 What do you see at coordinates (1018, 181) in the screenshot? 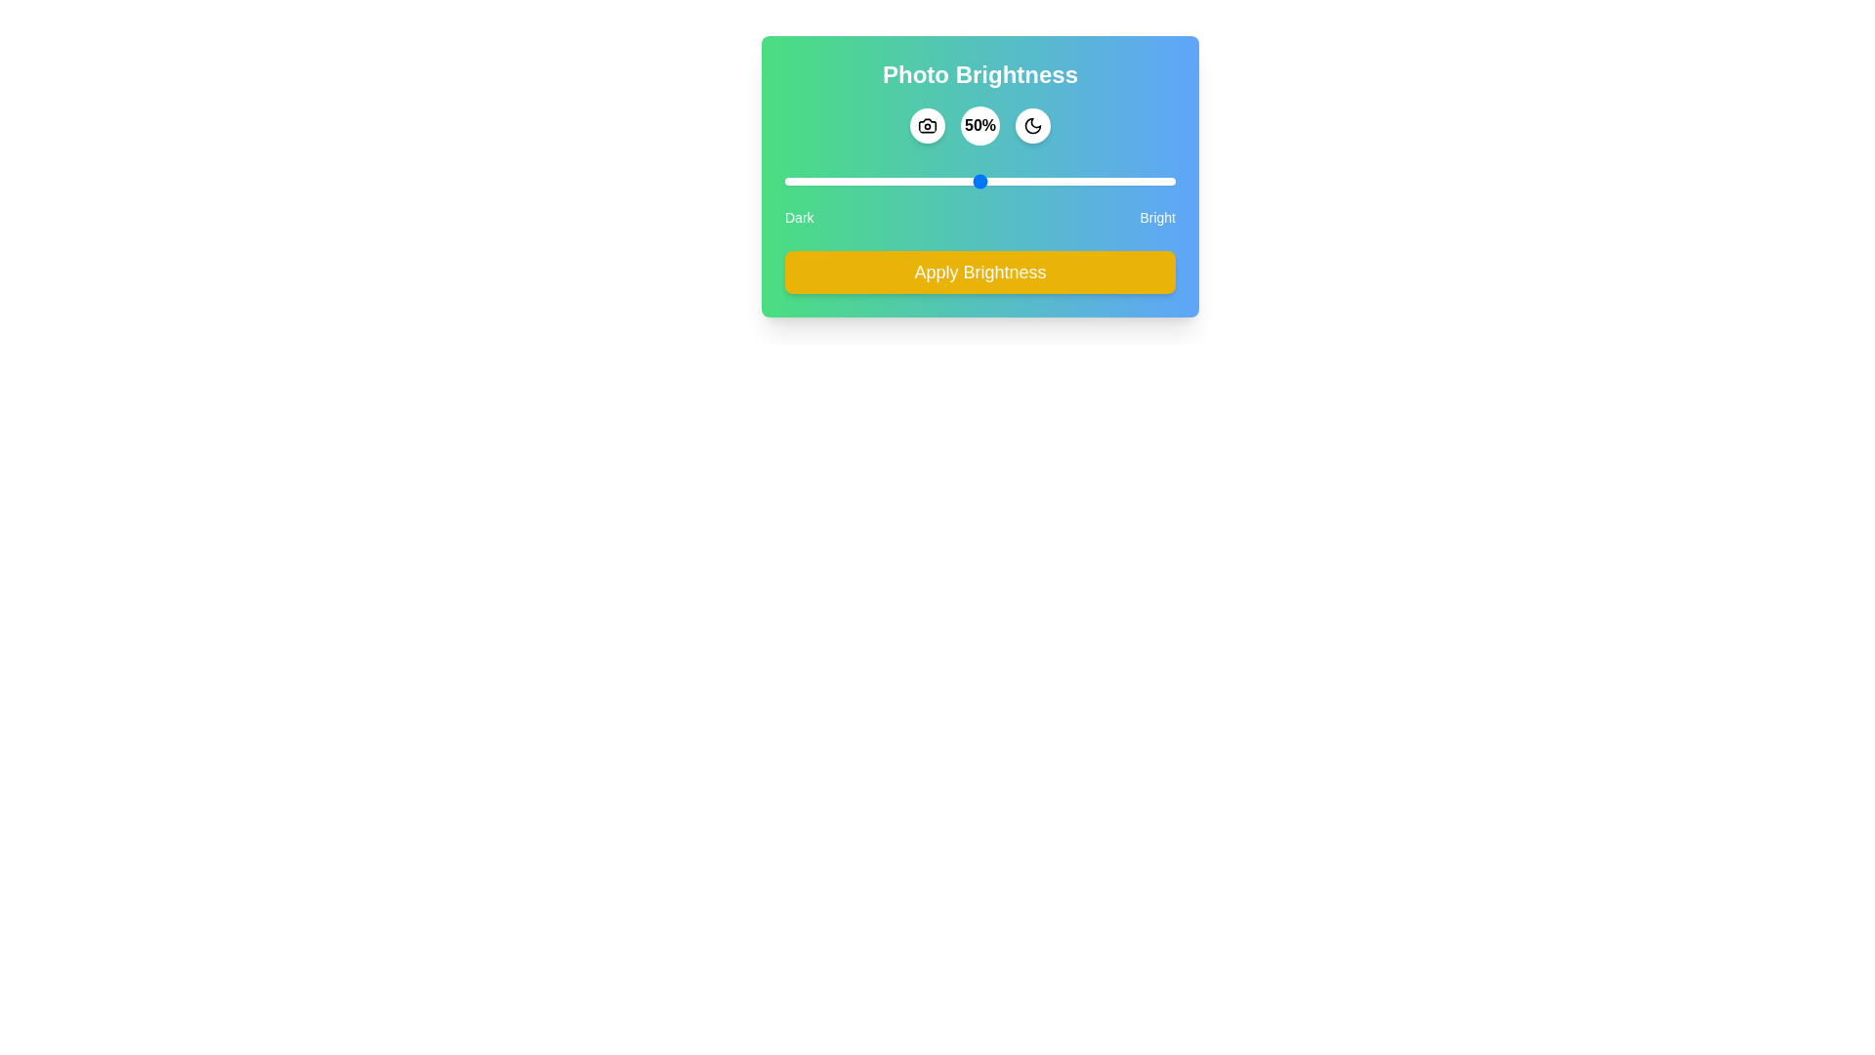
I see `the brightness slider to 60%` at bounding box center [1018, 181].